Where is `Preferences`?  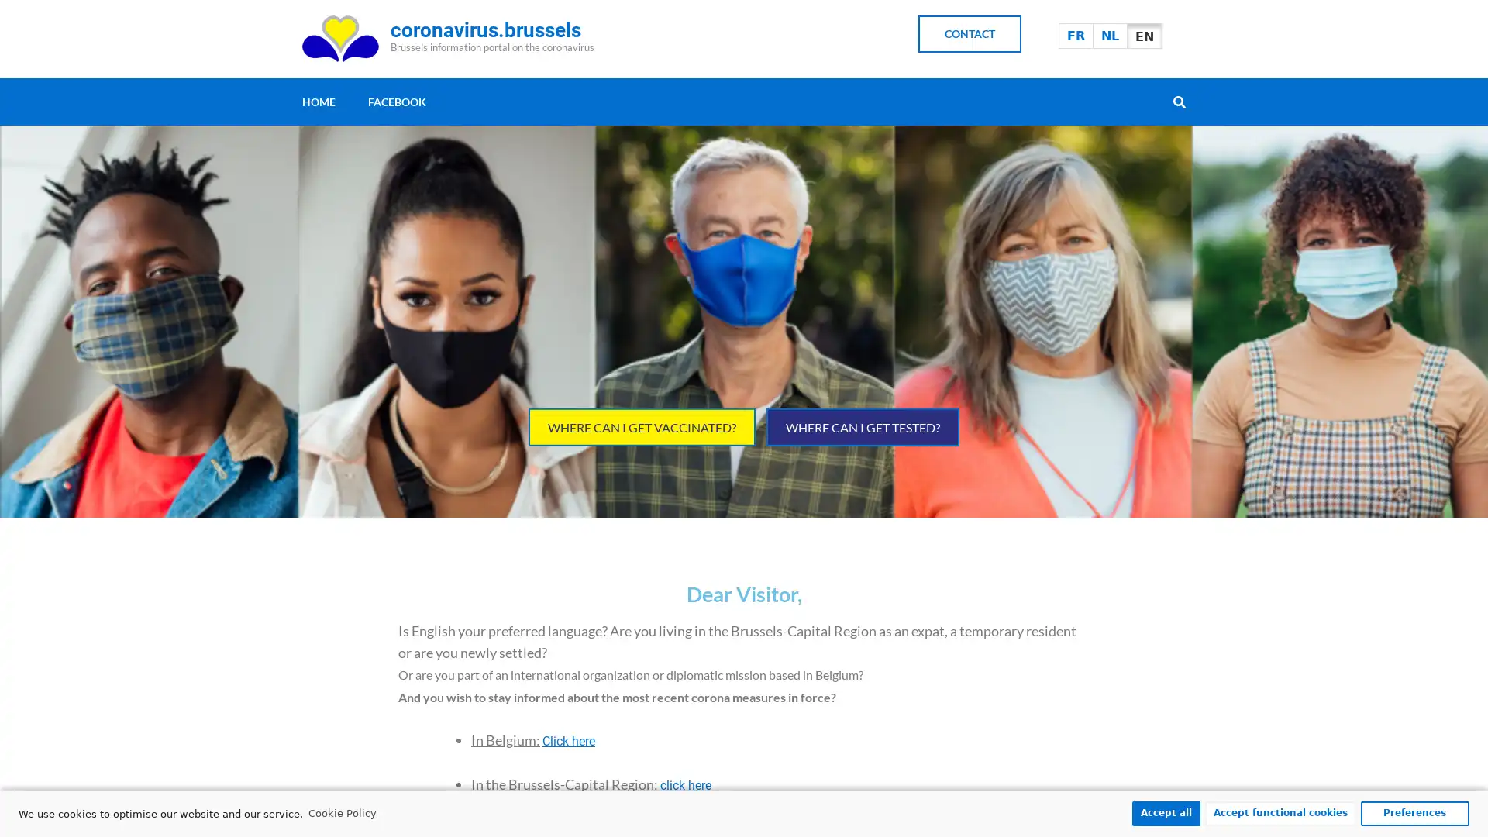
Preferences is located at coordinates (1414, 812).